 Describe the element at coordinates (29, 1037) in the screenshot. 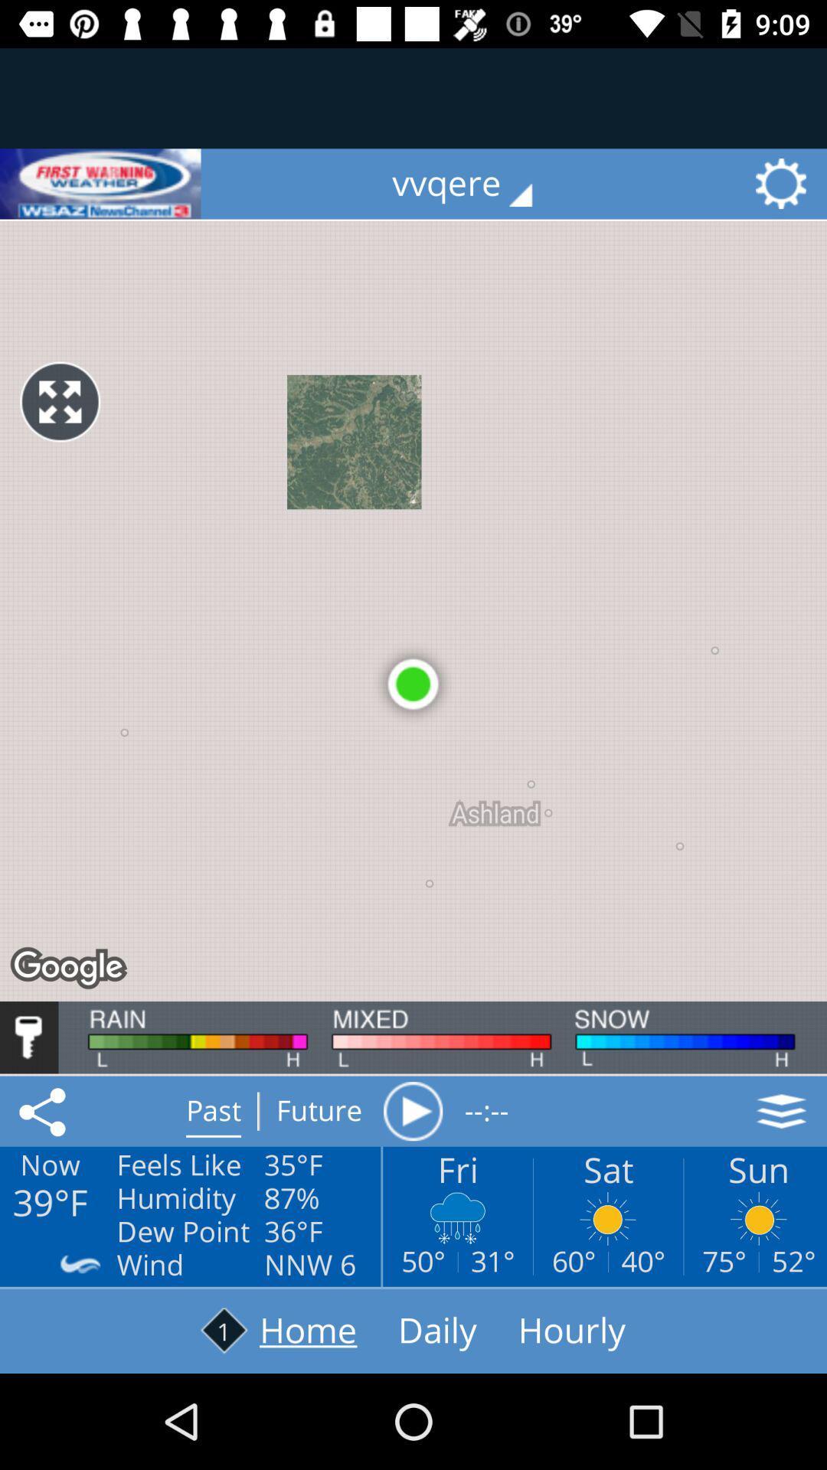

I see `key` at that location.